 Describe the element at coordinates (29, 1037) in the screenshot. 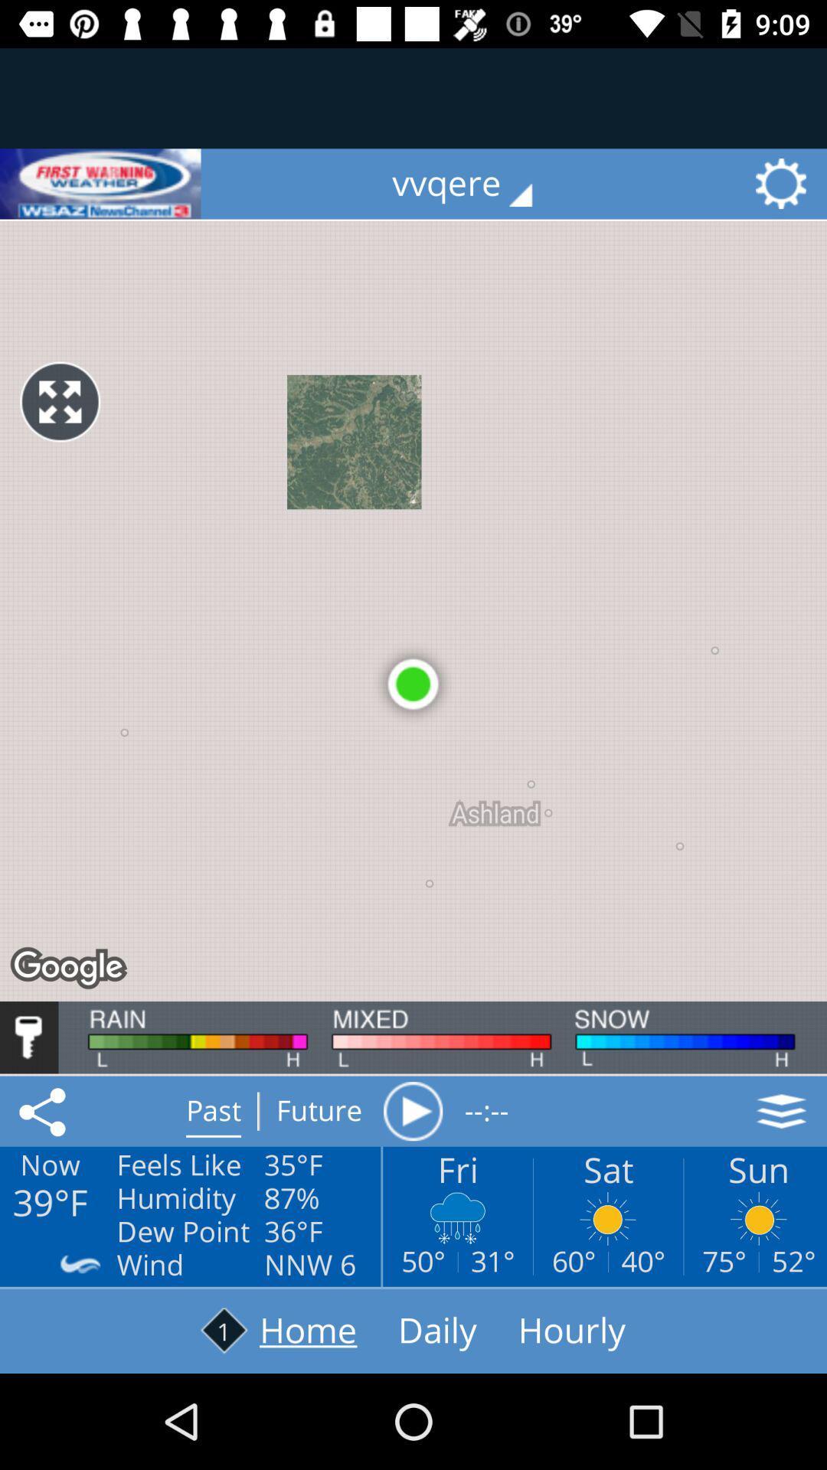

I see `key` at that location.